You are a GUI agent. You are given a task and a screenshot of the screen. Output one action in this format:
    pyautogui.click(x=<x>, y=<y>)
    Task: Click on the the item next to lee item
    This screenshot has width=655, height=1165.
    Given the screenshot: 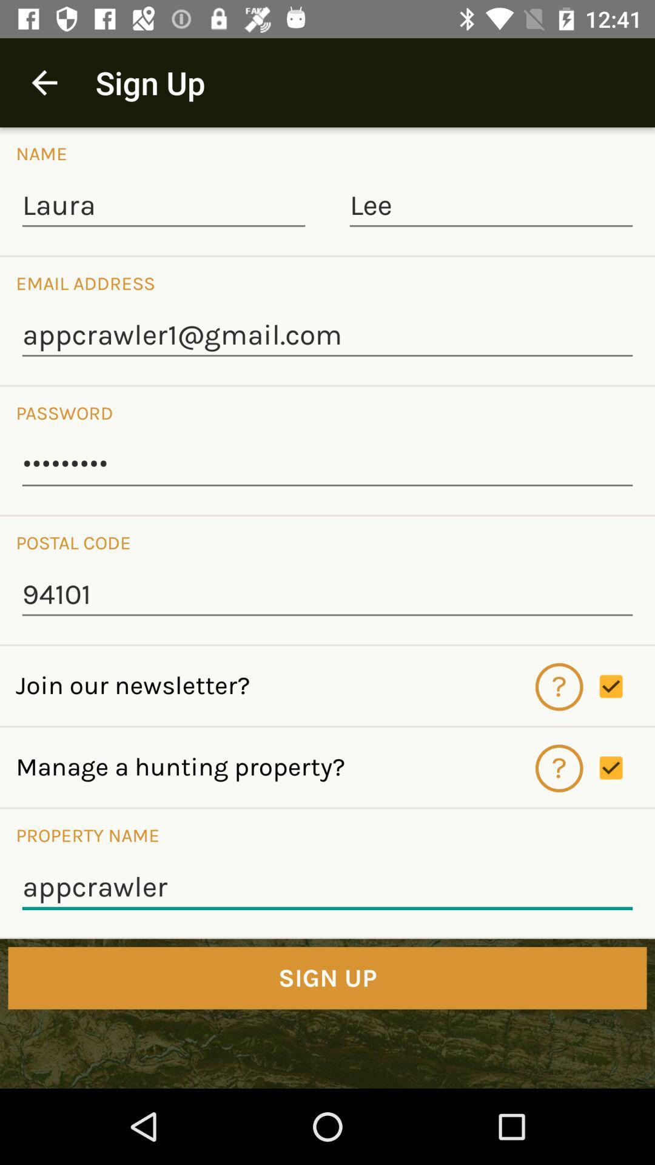 What is the action you would take?
    pyautogui.click(x=164, y=206)
    